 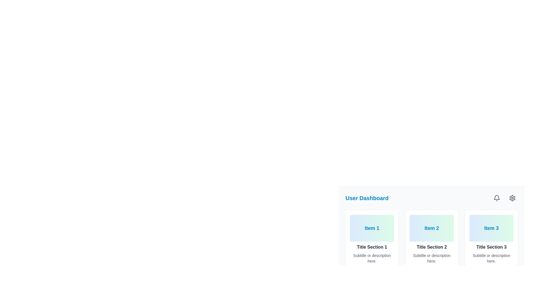 What do you see at coordinates (431, 222) in the screenshot?
I see `the interactive card module located` at bounding box center [431, 222].